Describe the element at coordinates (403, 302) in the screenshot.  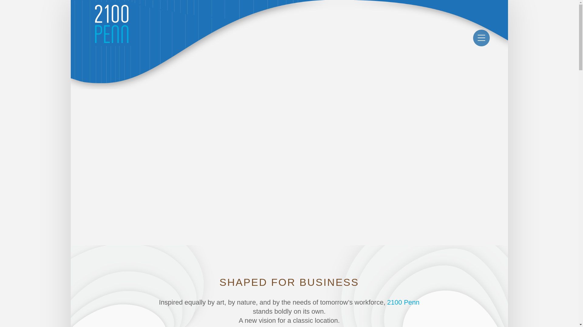
I see `'2100 Penn'` at that location.